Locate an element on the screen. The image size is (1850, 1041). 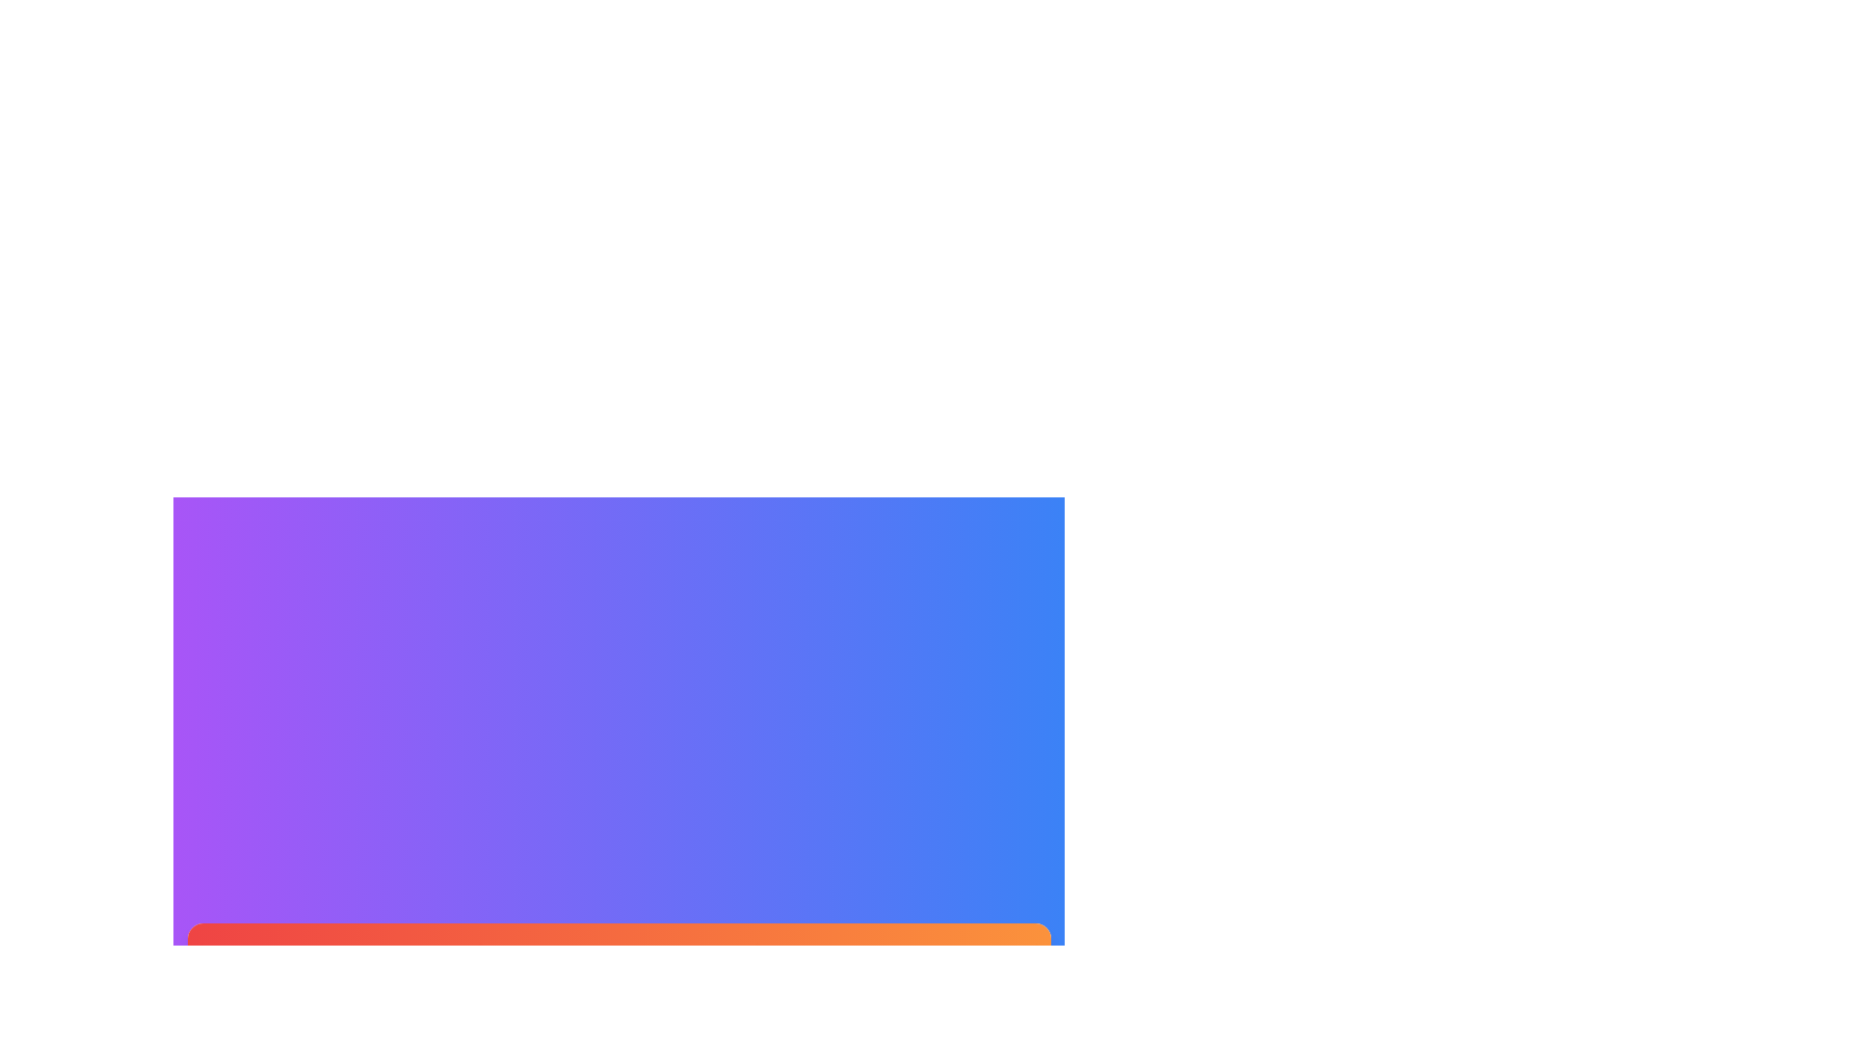
the Courses tab is located at coordinates (619, 962).